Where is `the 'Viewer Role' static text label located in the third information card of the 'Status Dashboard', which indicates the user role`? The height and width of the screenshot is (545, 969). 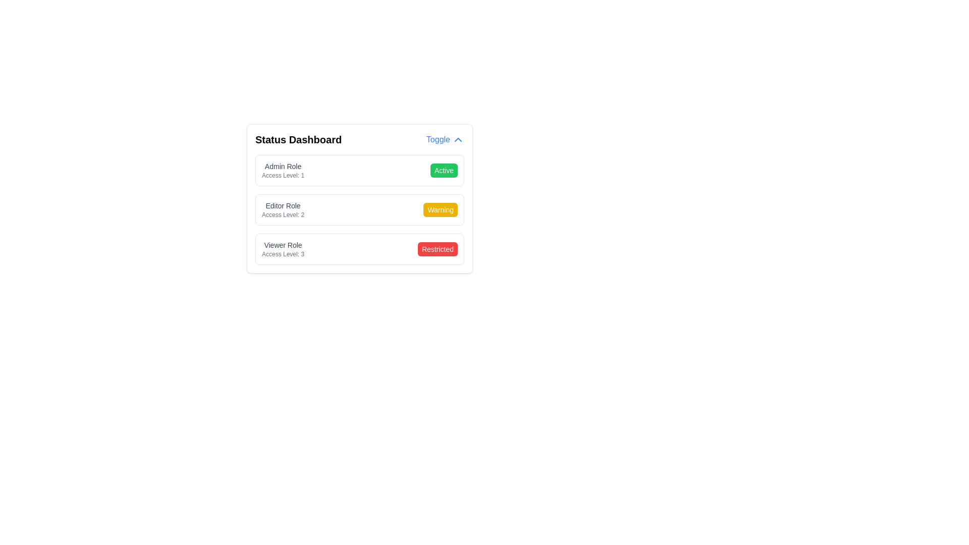
the 'Viewer Role' static text label located in the third information card of the 'Status Dashboard', which indicates the user role is located at coordinates (283, 245).